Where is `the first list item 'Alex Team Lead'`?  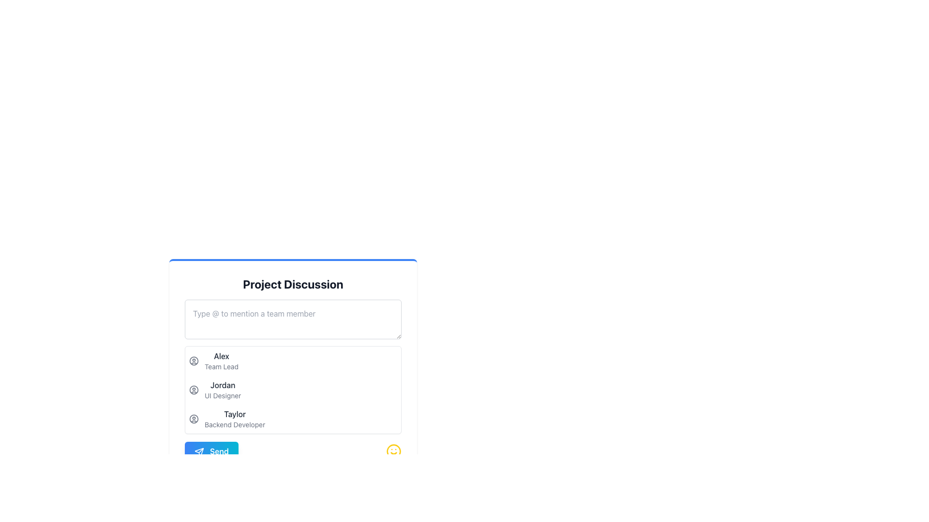 the first list item 'Alex Team Lead' is located at coordinates (292, 361).